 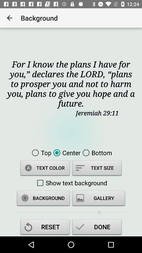 I want to click on the show text background, so click(x=71, y=183).